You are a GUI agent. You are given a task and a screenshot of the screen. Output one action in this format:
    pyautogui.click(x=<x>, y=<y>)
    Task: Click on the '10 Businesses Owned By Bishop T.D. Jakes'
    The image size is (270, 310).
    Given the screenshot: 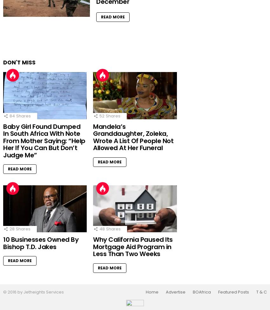 What is the action you would take?
    pyautogui.click(x=41, y=243)
    